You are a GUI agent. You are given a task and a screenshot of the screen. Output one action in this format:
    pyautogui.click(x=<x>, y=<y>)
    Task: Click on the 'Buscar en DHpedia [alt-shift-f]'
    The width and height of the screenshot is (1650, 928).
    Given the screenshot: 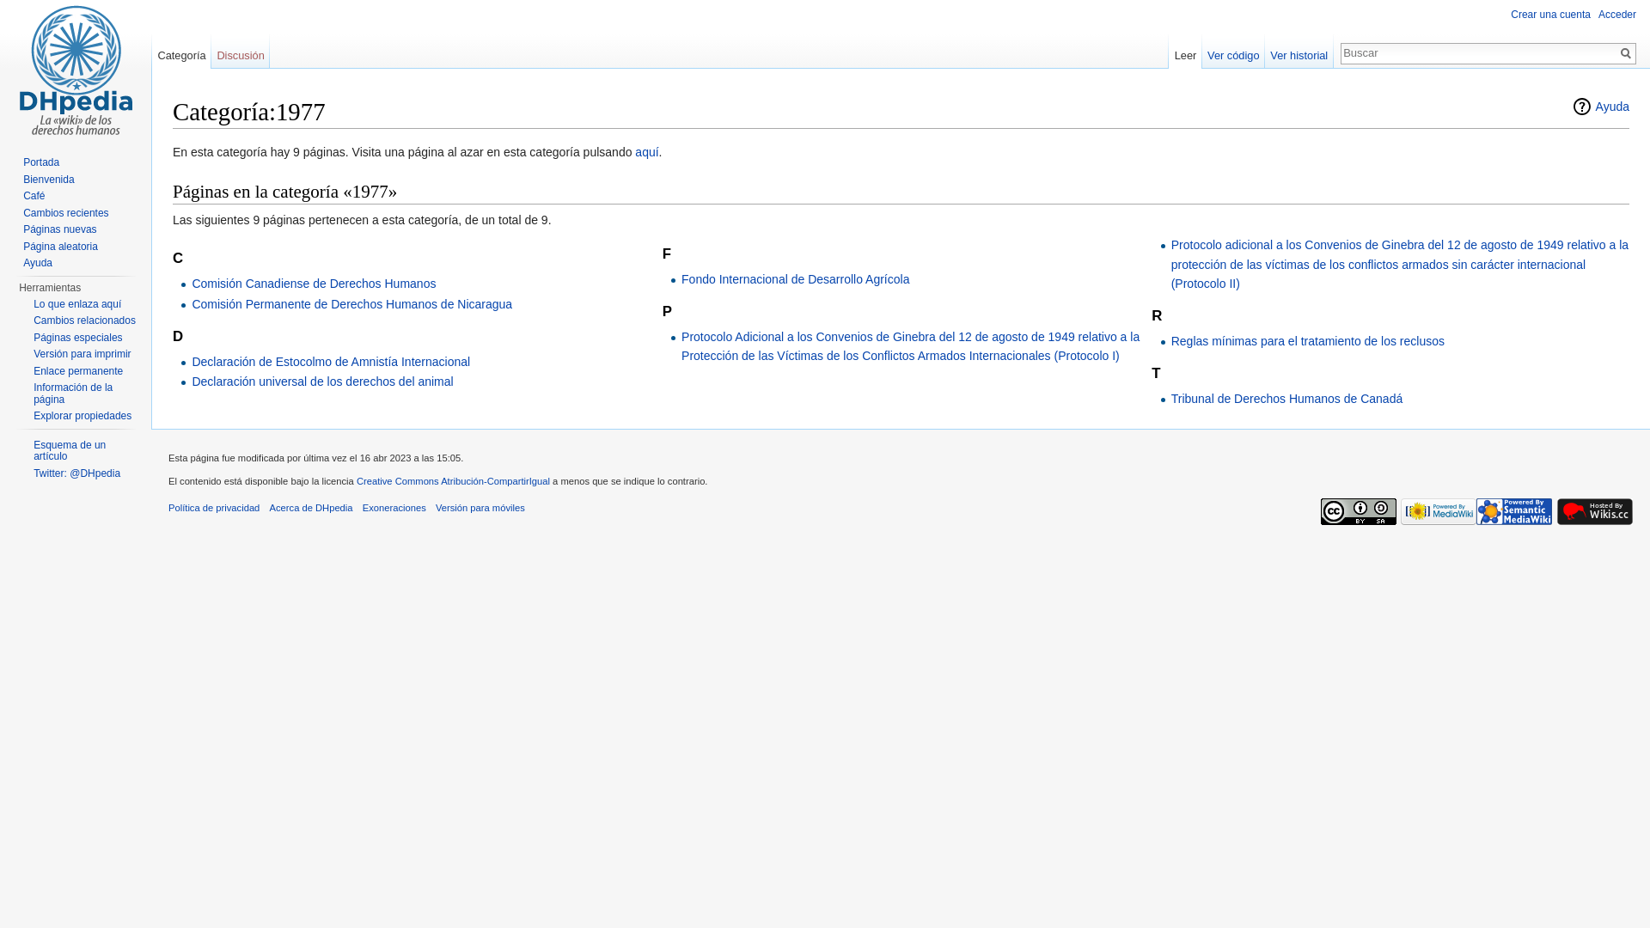 What is the action you would take?
    pyautogui.click(x=1478, y=52)
    